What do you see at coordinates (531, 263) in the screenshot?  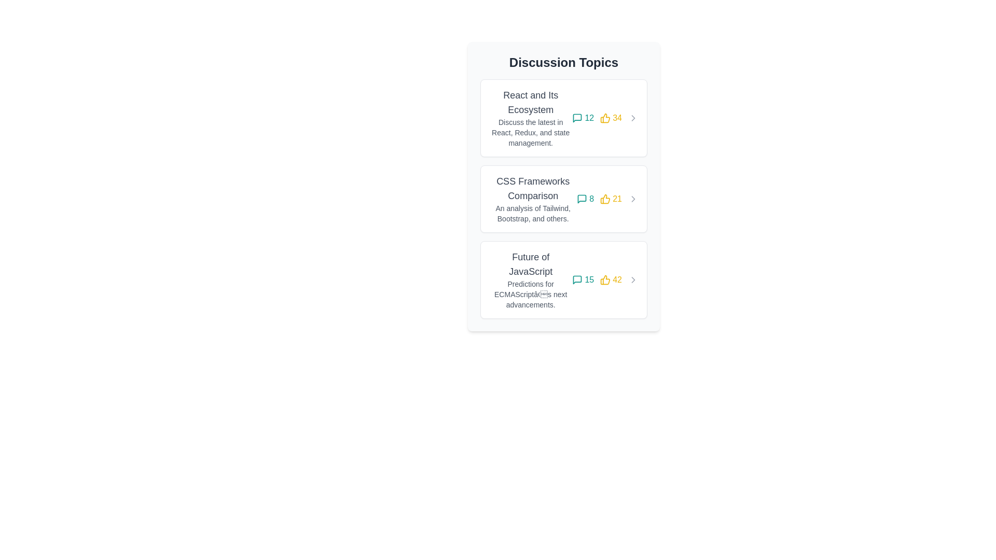 I see `the text element styled in bold and larger font that reads 'Future of JavaScript', positioned as a heading on the card layout in the 'Discussion Topics' list` at bounding box center [531, 263].